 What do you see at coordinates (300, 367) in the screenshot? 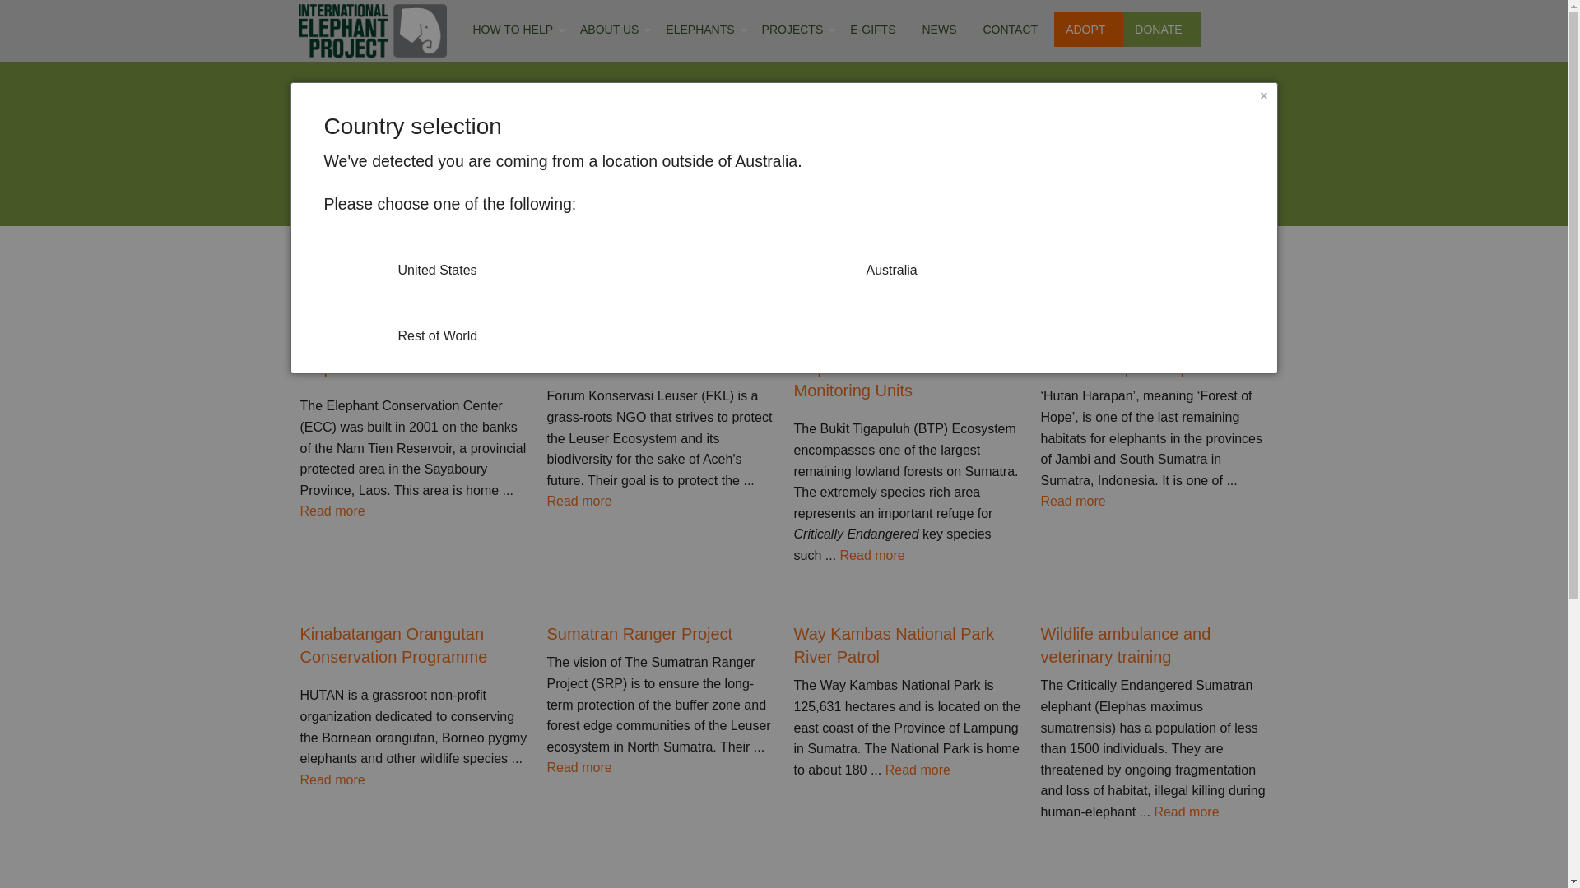
I see `'Elephant Conservation Center'` at bounding box center [300, 367].